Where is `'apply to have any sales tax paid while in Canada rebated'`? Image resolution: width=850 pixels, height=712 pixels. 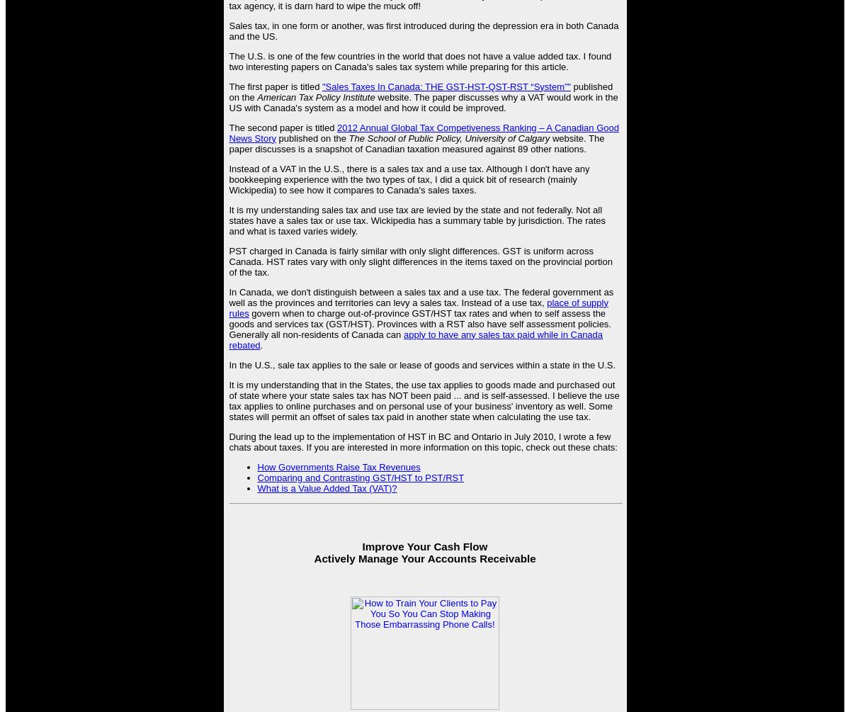 'apply to have any sales tax paid while in Canada rebated' is located at coordinates (415, 339).